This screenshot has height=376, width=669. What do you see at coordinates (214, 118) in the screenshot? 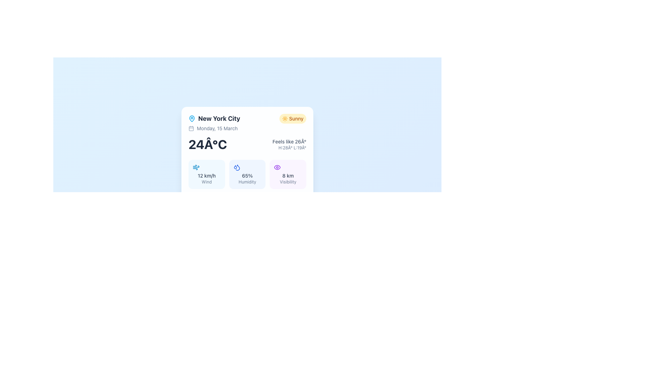
I see `the bold text label 'New York City' with a blue pin icon, which is positioned at the top of the weather information card` at bounding box center [214, 118].